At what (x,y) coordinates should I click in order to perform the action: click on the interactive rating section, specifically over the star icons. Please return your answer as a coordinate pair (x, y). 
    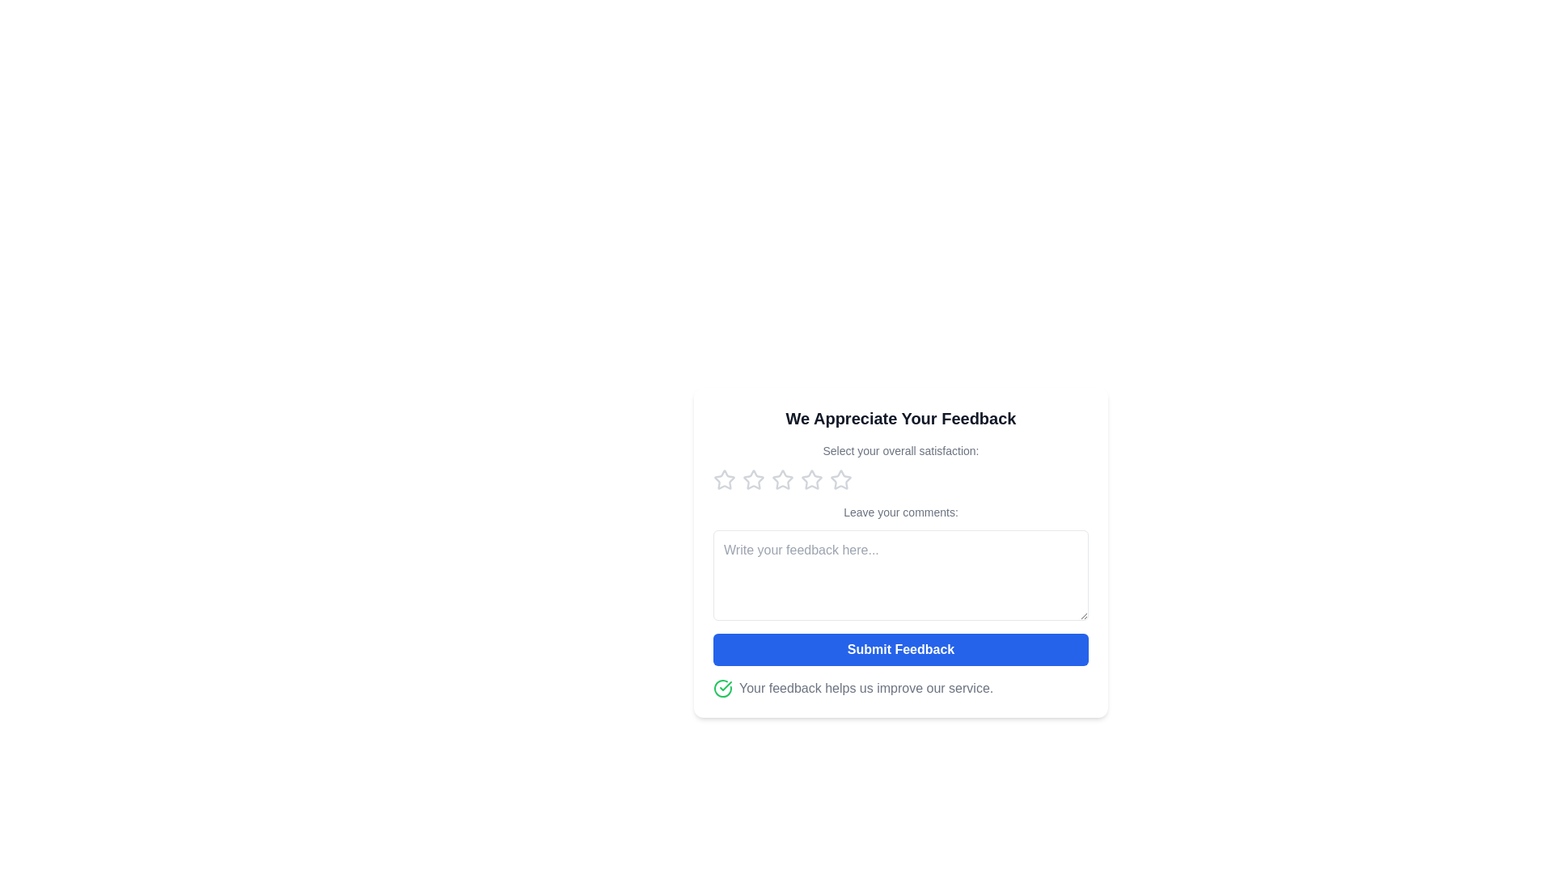
    Looking at the image, I should click on (899, 467).